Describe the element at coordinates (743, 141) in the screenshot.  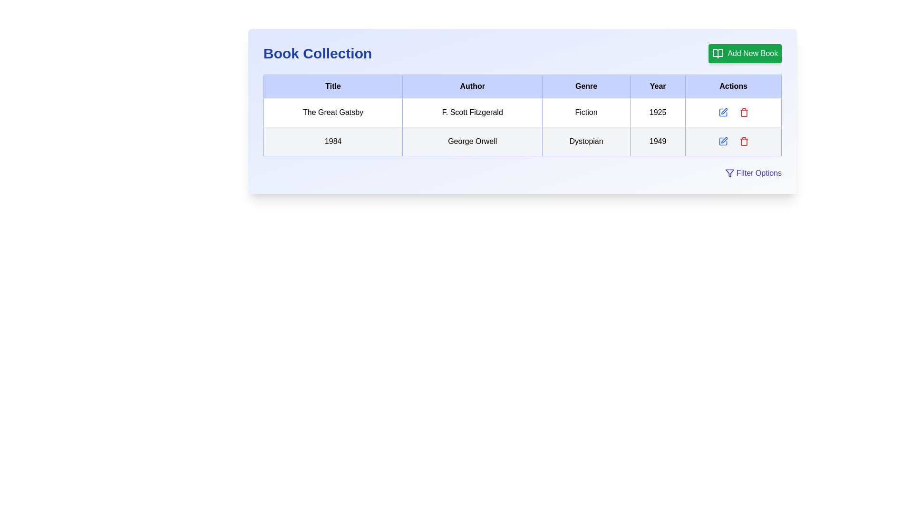
I see `the delete icon button located in the action column of the second row in the data table` at that location.